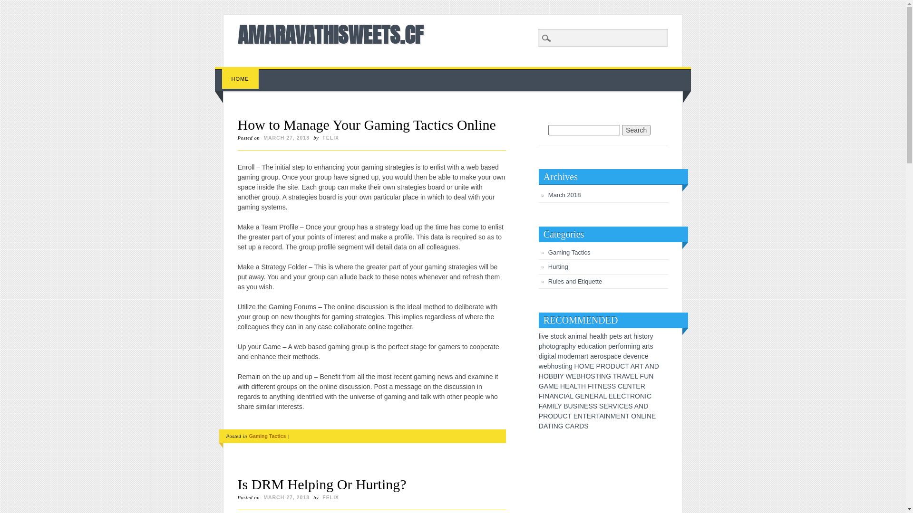 This screenshot has width=913, height=513. I want to click on 'N', so click(649, 366).